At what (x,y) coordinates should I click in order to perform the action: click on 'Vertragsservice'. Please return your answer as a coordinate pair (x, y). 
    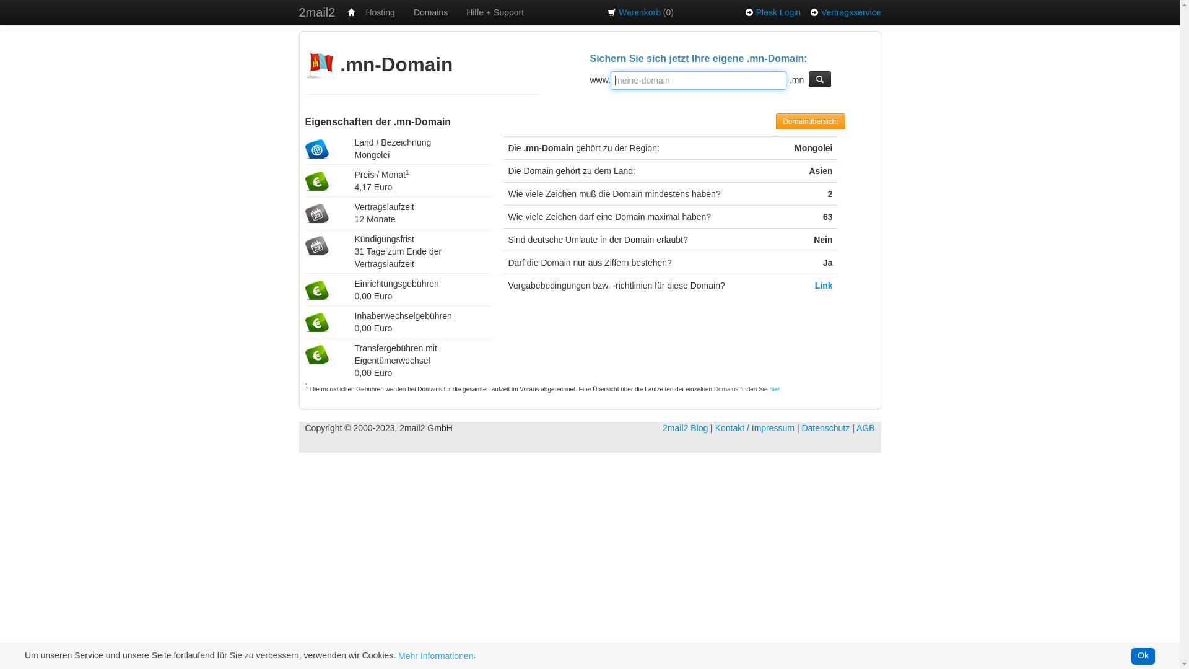
    Looking at the image, I should click on (850, 12).